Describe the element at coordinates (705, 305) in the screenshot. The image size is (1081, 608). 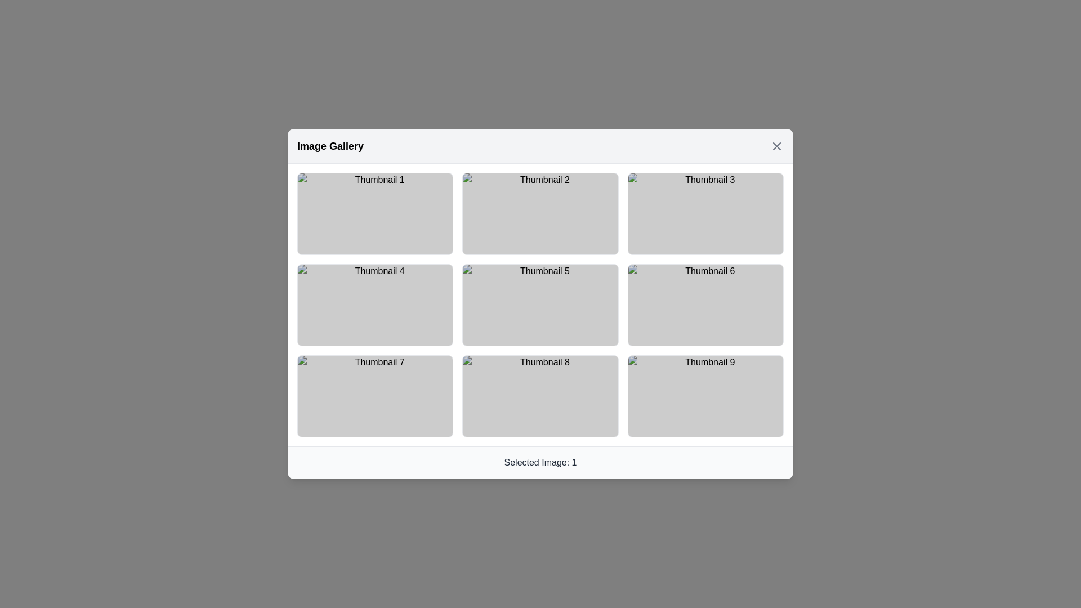
I see `the overlay element that appears on the sixth thumbnail of the 3x3 grid layout in the image gallery` at that location.